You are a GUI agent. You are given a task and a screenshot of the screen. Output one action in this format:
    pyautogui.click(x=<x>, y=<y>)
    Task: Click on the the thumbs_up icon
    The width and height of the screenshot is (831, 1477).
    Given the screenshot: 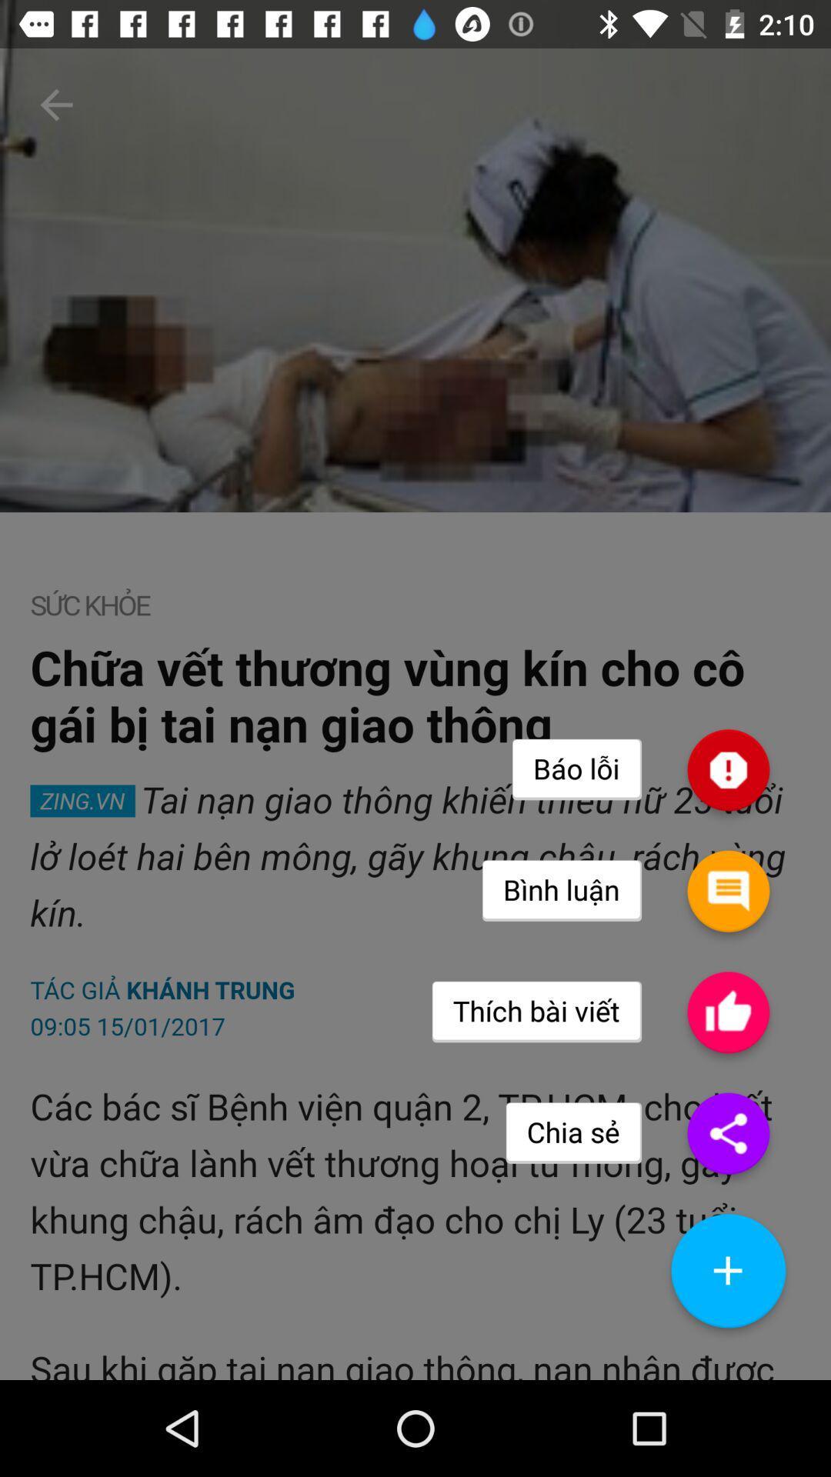 What is the action you would take?
    pyautogui.click(x=727, y=1089)
    